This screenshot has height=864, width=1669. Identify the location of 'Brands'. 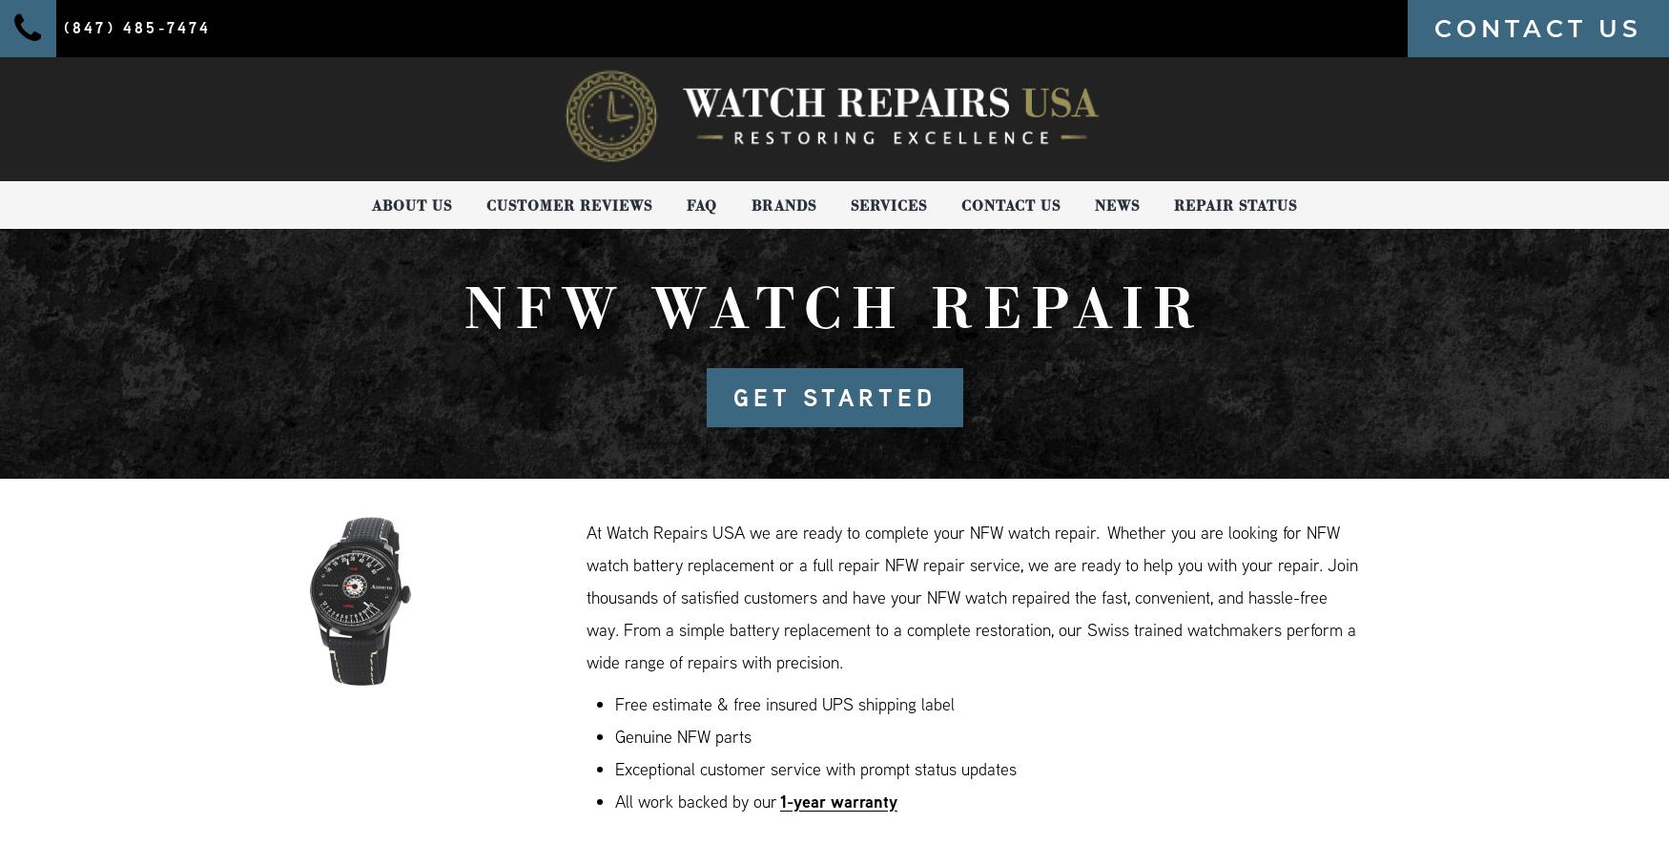
(783, 204).